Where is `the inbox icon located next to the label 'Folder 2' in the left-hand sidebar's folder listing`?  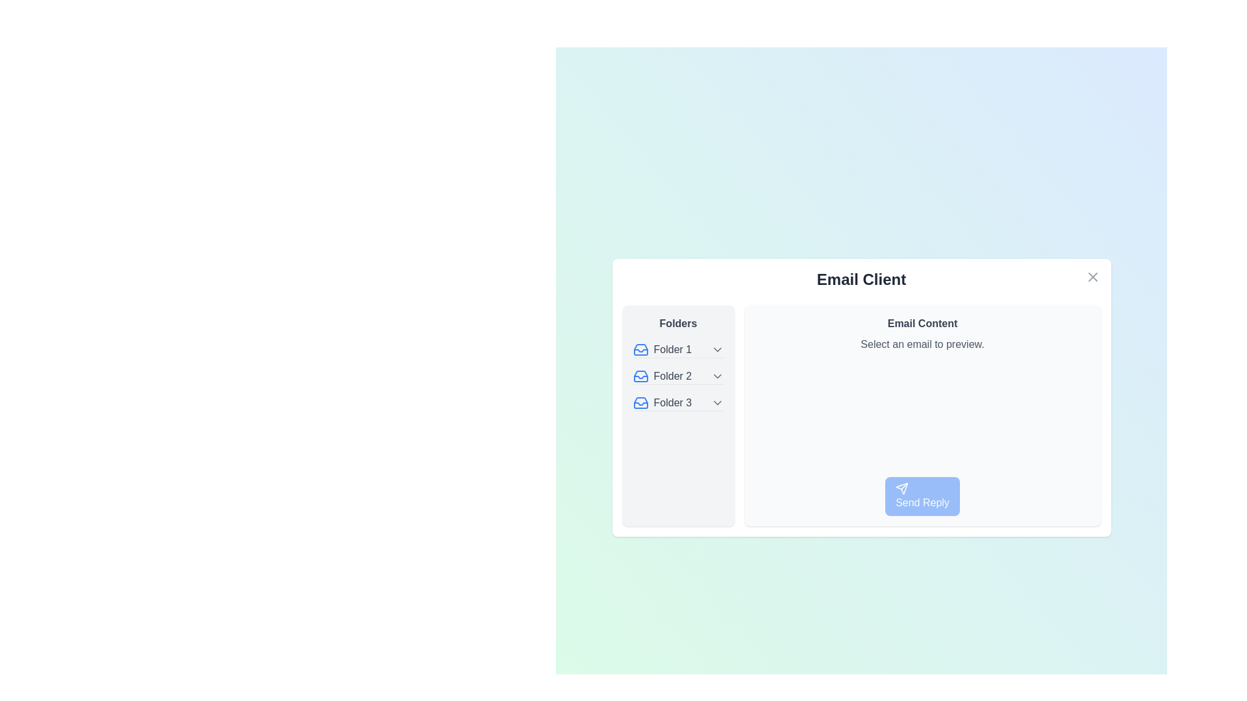
the inbox icon located next to the label 'Folder 2' in the left-hand sidebar's folder listing is located at coordinates (640, 376).